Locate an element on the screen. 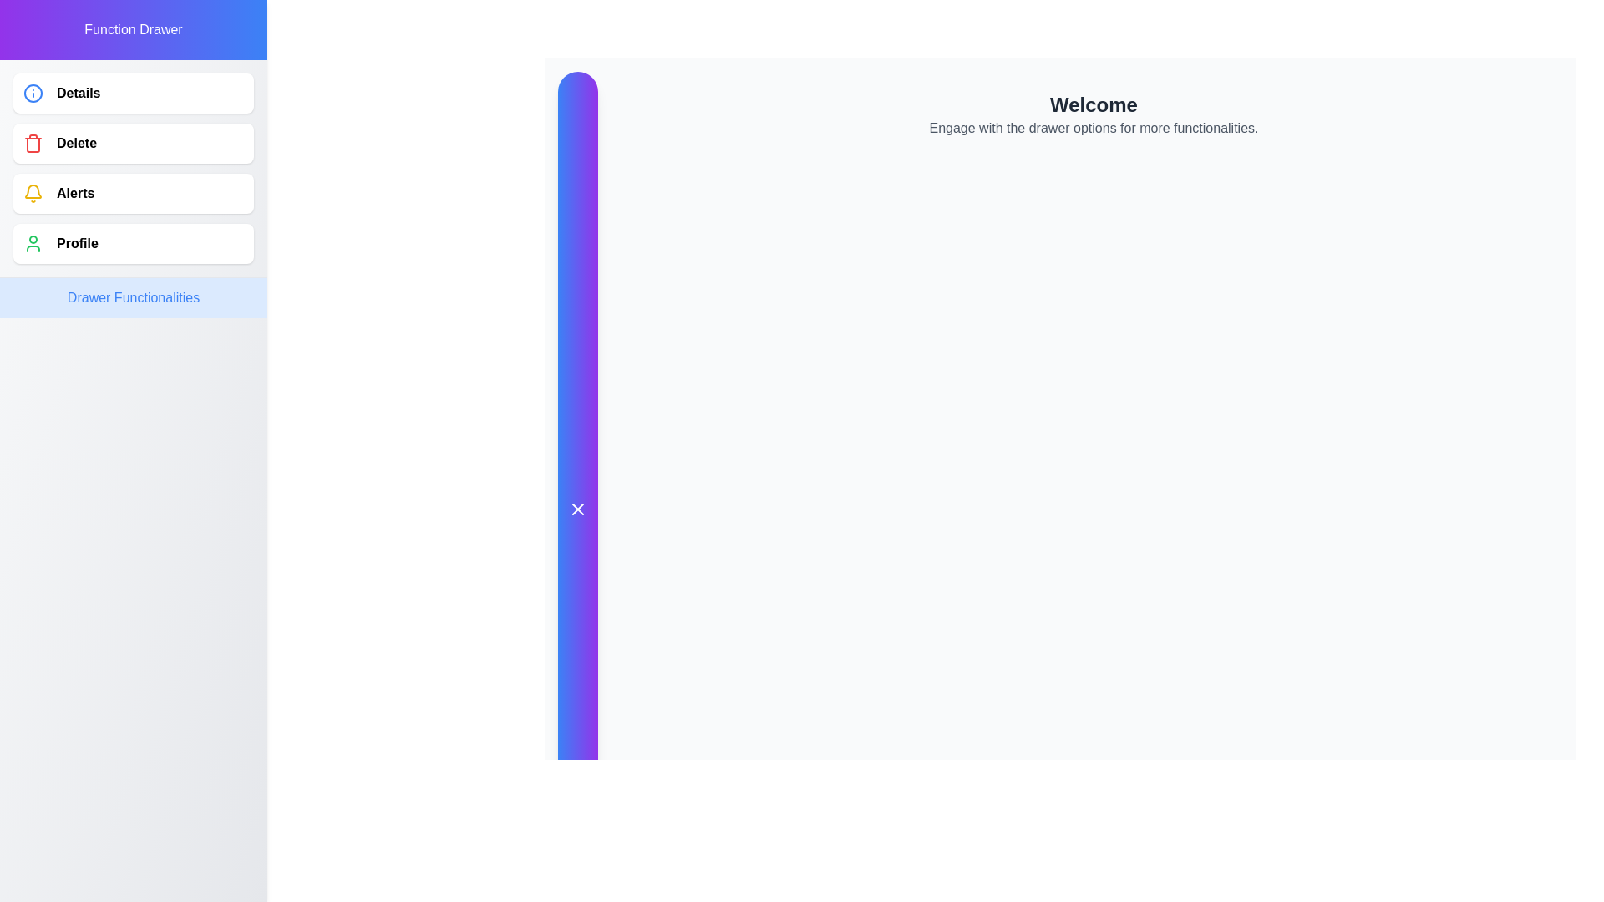  the 'X' icon within the circular button located in the vertical sidebar to potentially reveal a tooltip is located at coordinates (577, 508).